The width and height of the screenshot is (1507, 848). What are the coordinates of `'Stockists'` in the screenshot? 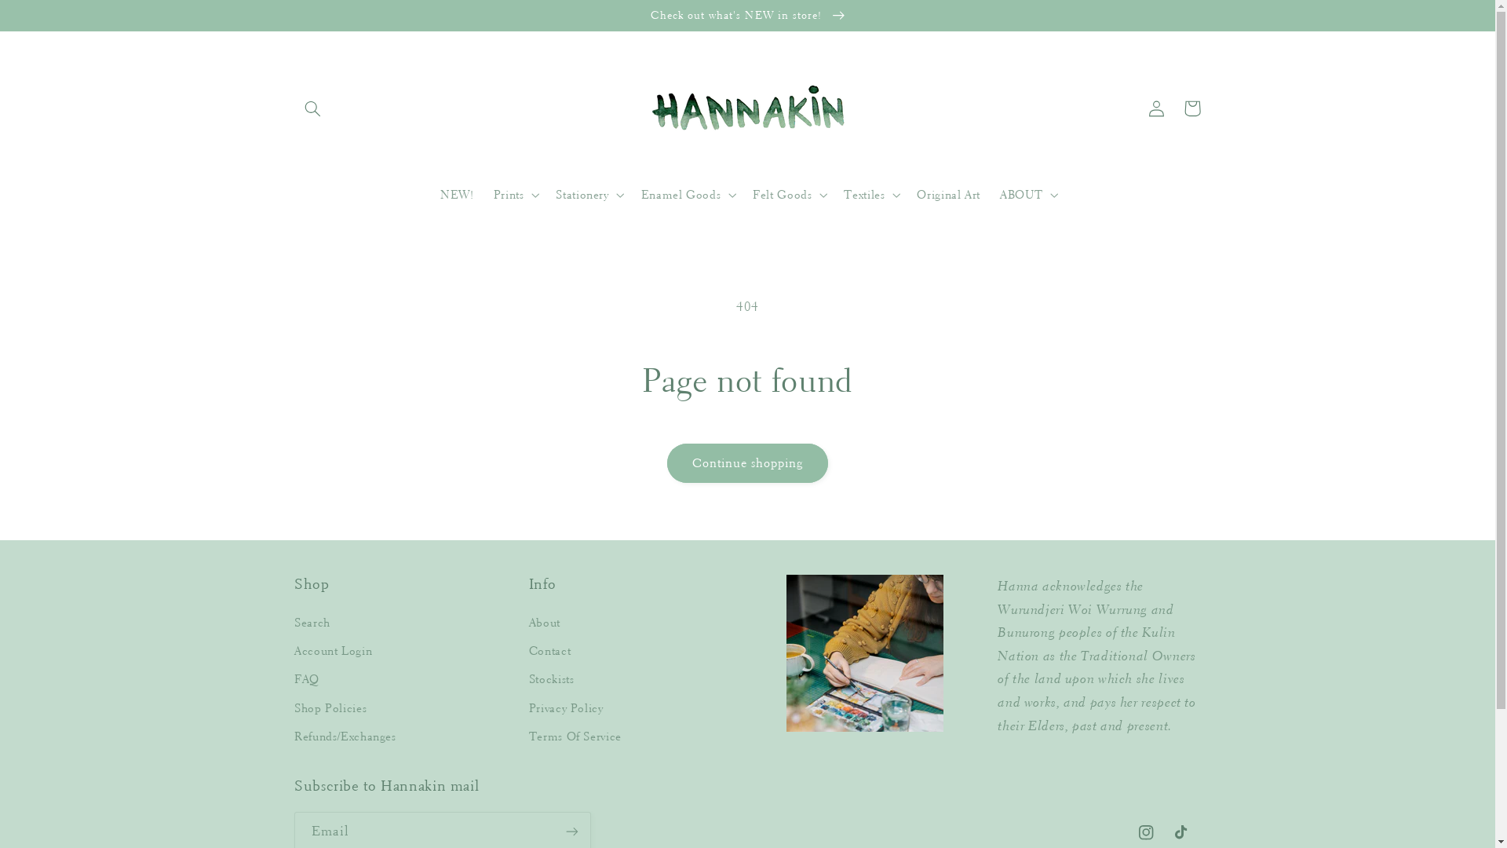 It's located at (551, 679).